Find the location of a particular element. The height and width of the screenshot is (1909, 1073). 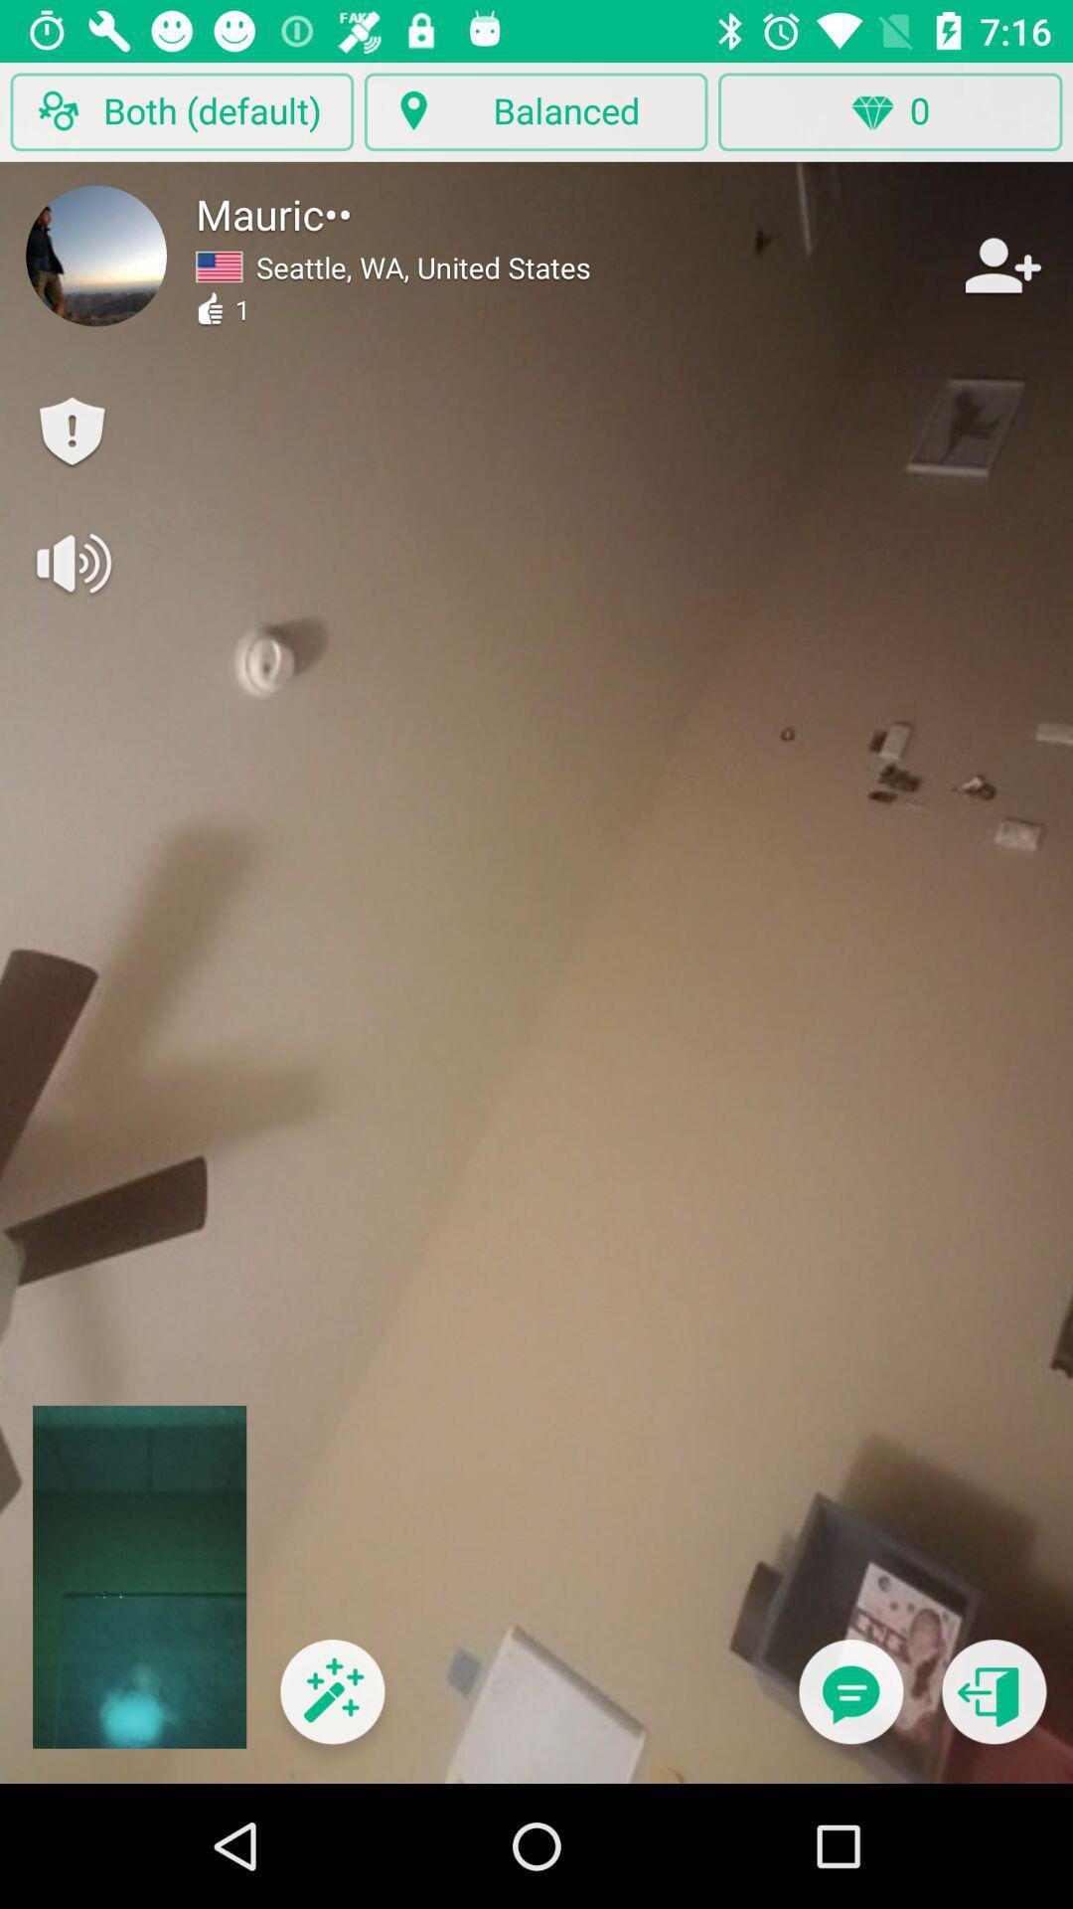

a friend is located at coordinates (1000, 264).